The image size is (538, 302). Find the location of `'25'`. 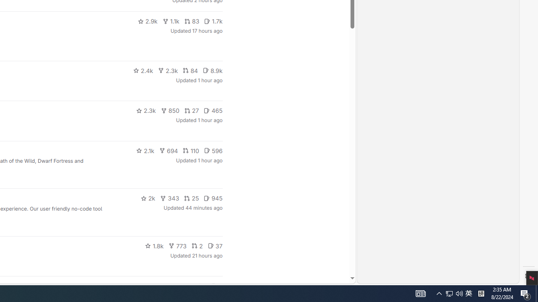

'25' is located at coordinates (191, 198).